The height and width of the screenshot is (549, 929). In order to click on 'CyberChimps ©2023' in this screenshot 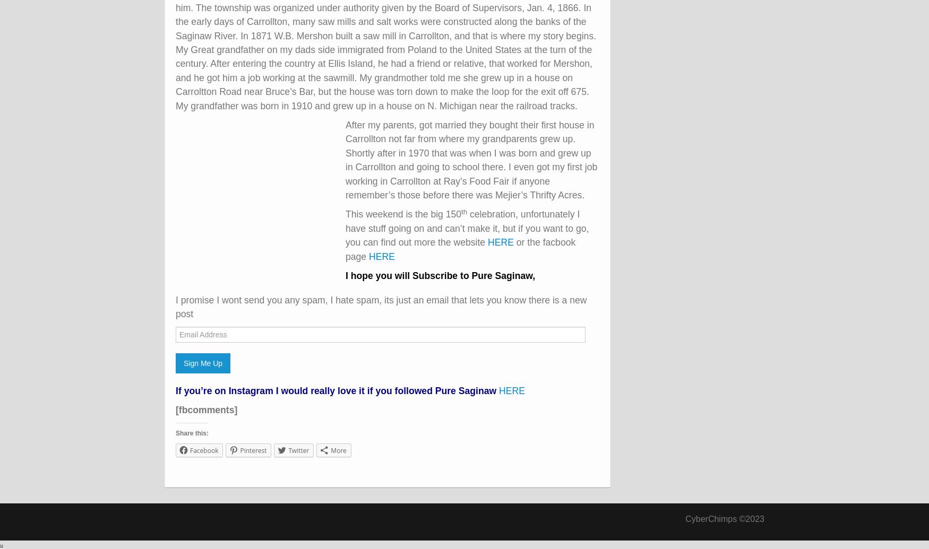, I will do `click(725, 518)`.